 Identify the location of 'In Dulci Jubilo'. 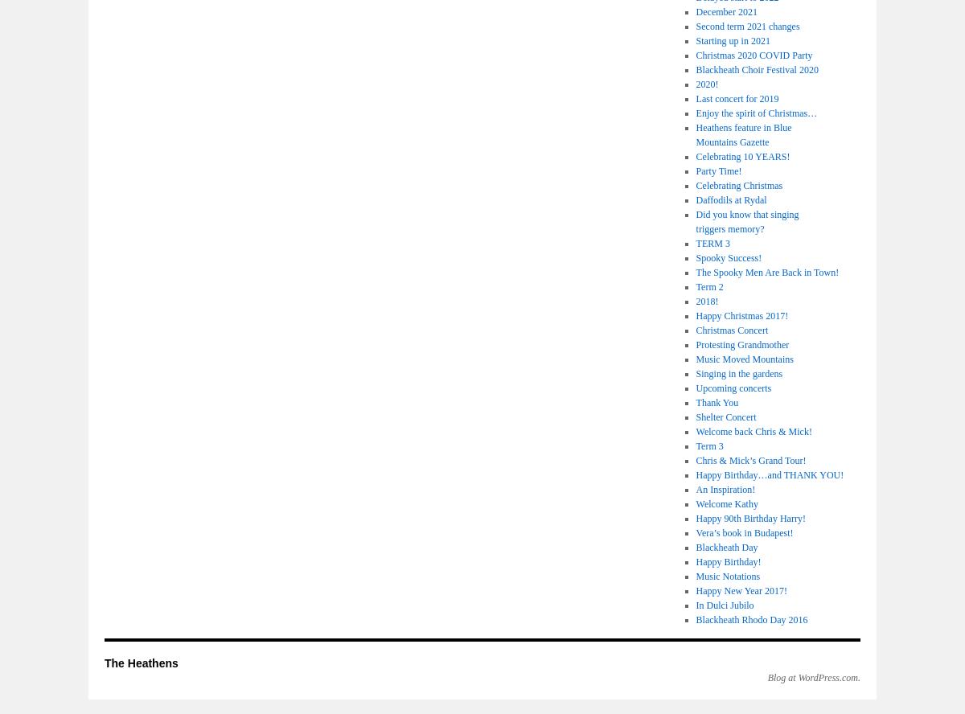
(724, 605).